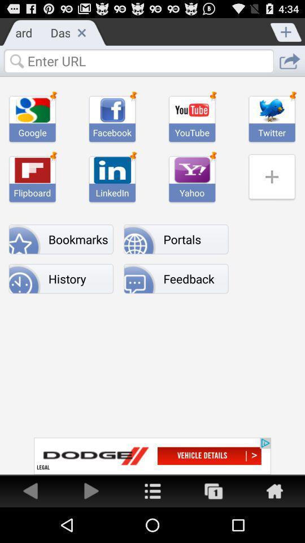 The image size is (305, 543). What do you see at coordinates (91, 490) in the screenshot?
I see `previous` at bounding box center [91, 490].